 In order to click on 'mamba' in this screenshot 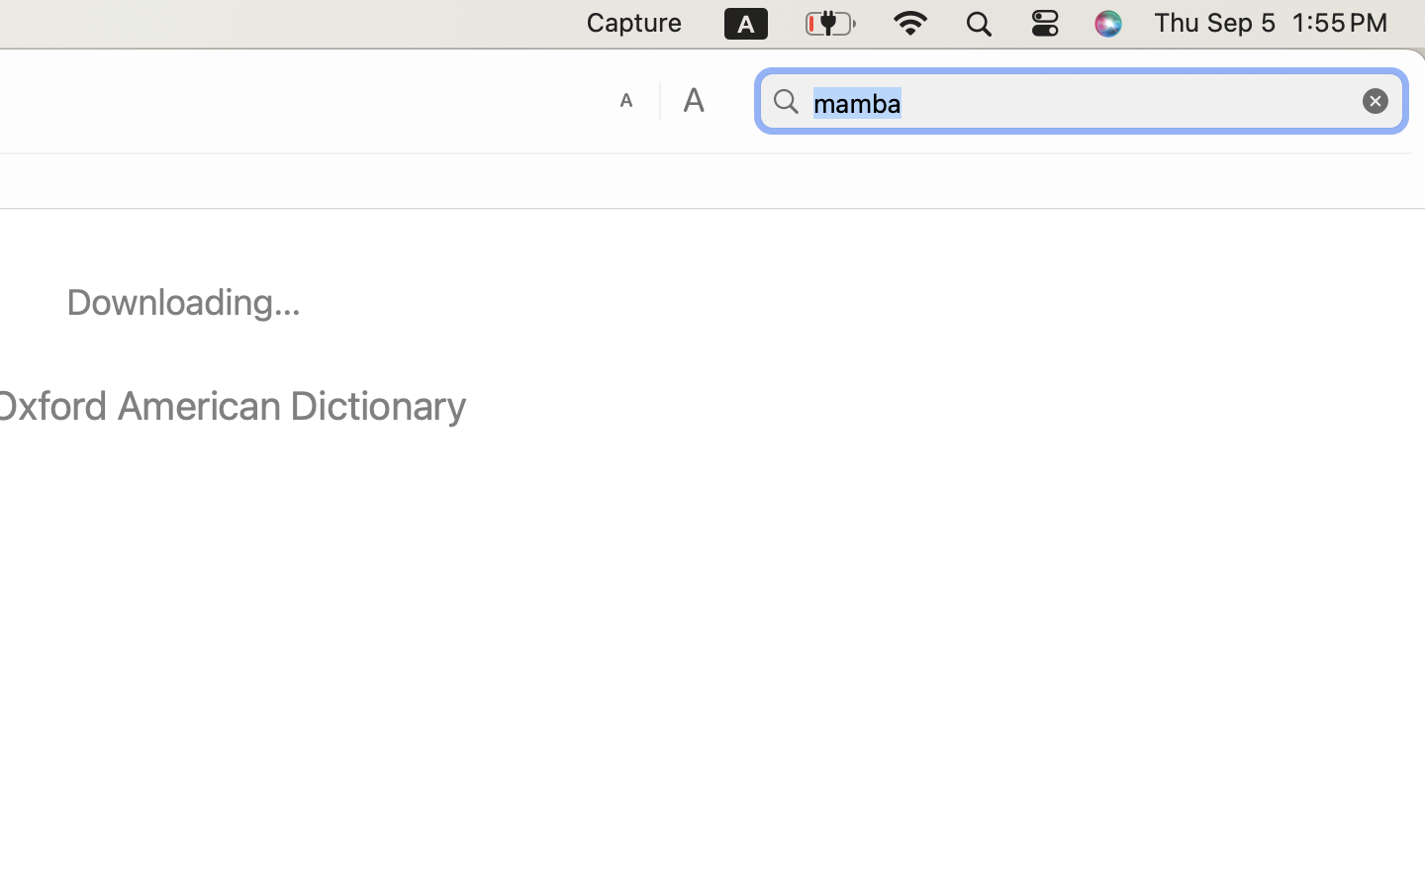, I will do `click(1080, 100)`.